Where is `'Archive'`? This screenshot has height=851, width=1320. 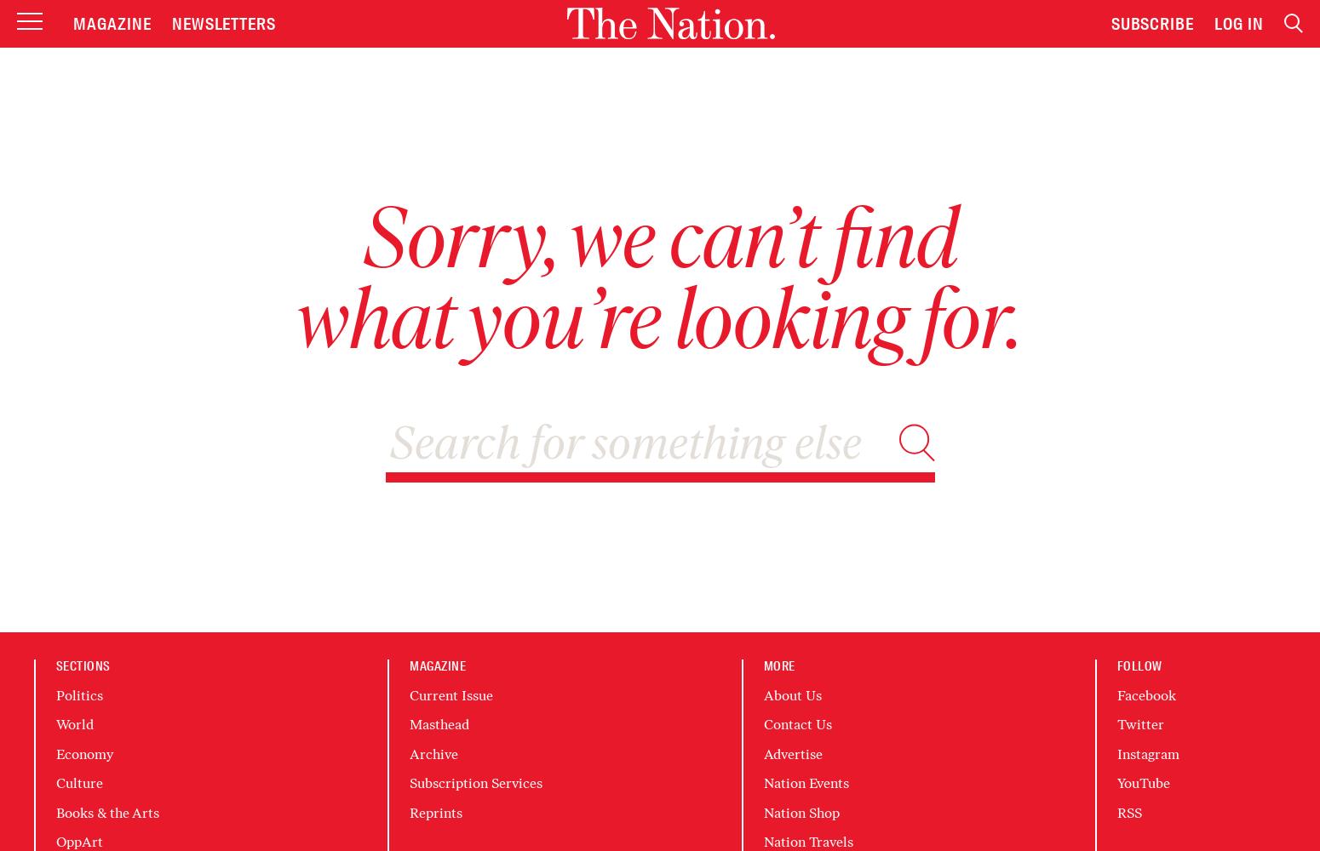 'Archive' is located at coordinates (433, 753).